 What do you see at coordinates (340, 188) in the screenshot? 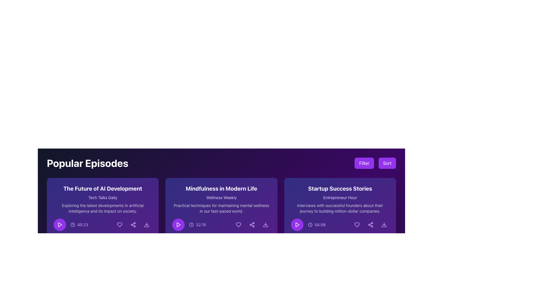
I see `the header text element located at the top of the rightmost card in the 'Popular Episodes' section, which serves as a title for the associated content below` at bounding box center [340, 188].